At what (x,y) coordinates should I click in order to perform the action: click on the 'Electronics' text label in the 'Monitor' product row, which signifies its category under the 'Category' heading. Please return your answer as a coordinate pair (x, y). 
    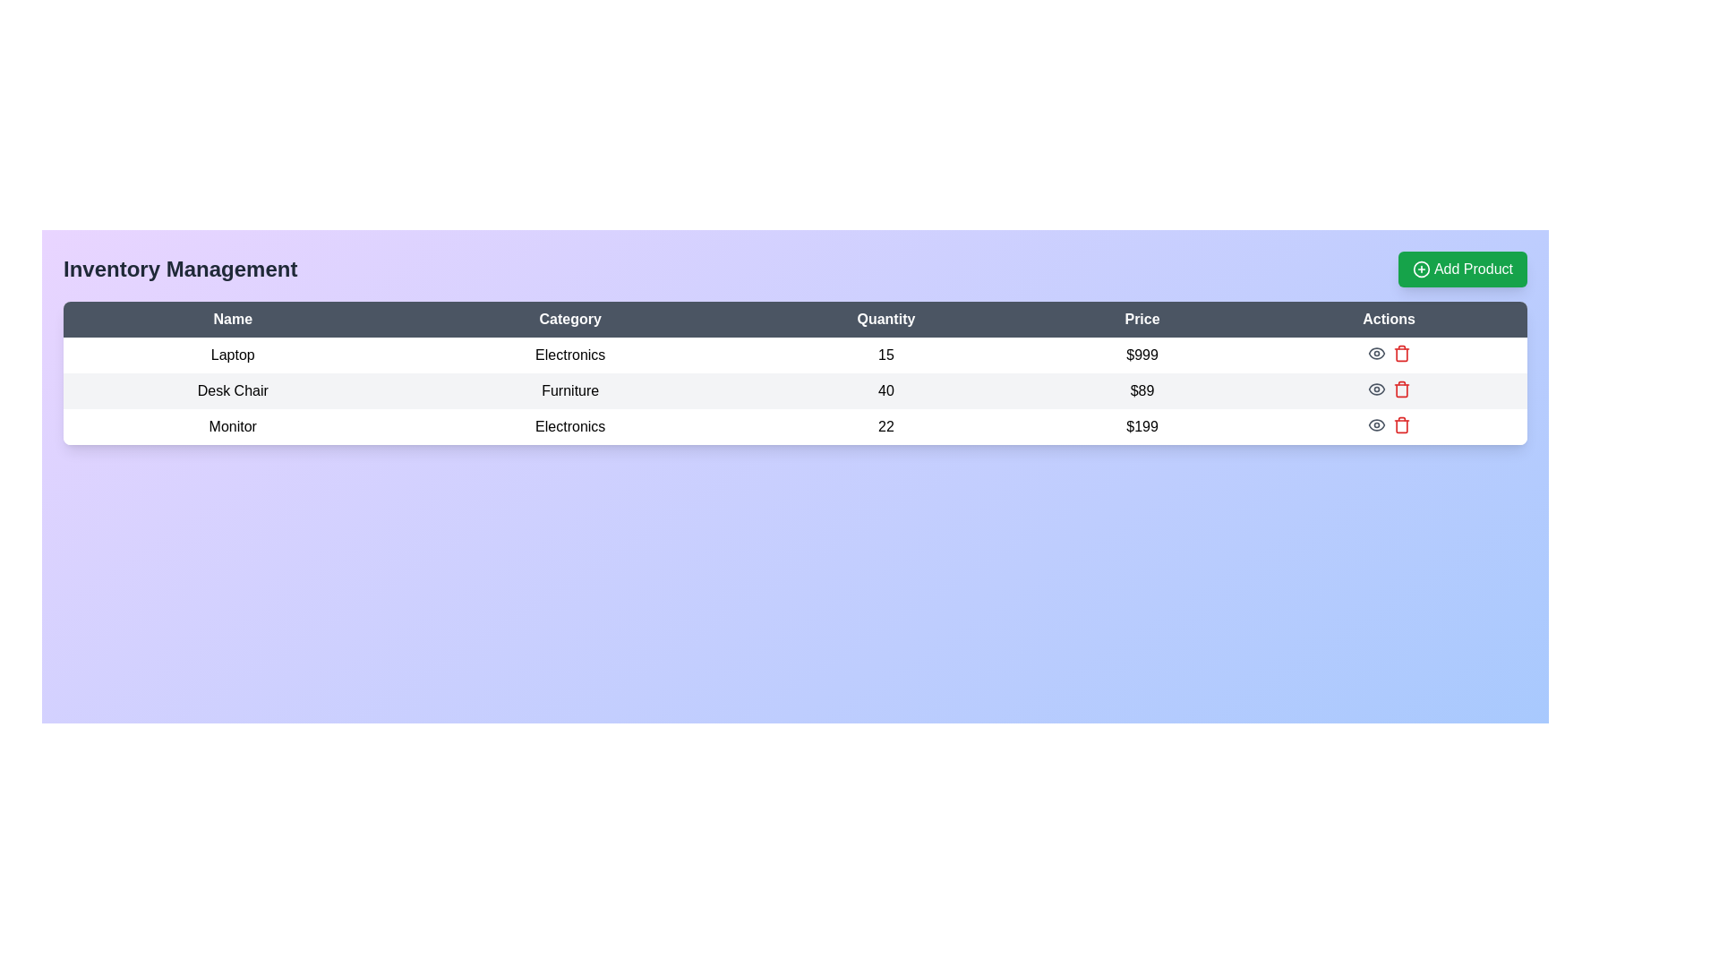
    Looking at the image, I should click on (569, 427).